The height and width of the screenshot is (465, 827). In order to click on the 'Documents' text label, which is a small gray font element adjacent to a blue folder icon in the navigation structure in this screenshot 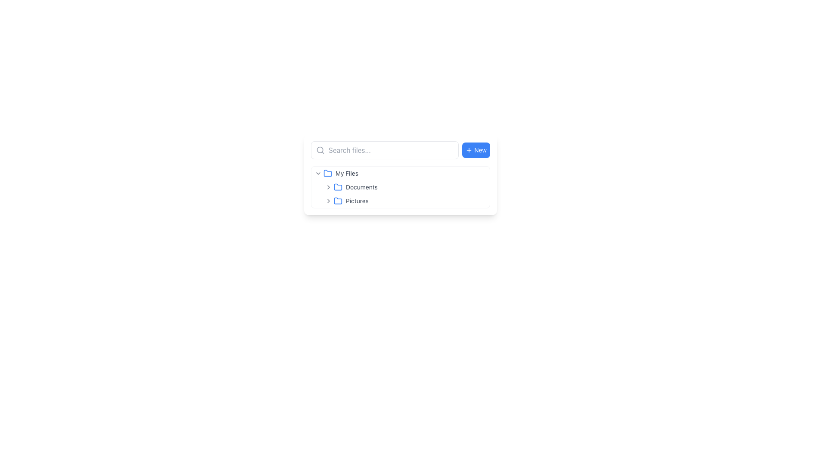, I will do `click(361, 187)`.